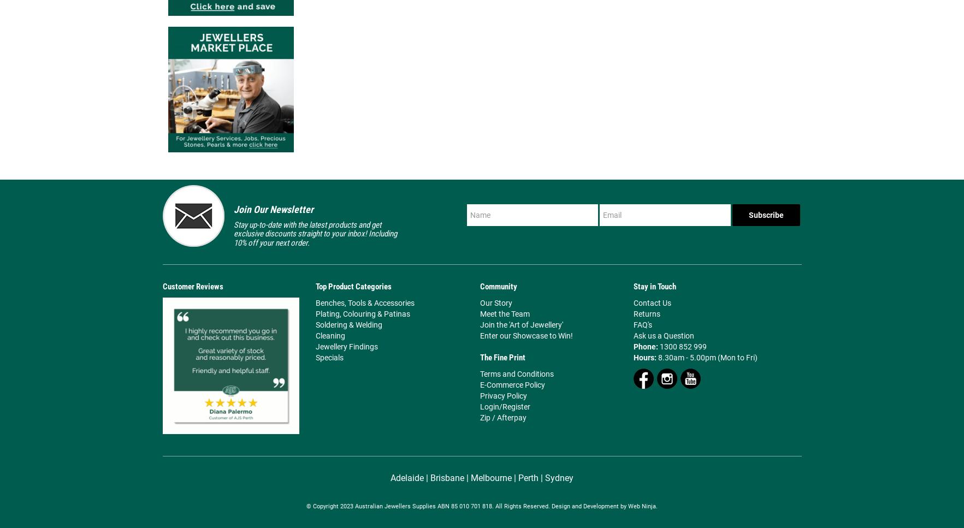 The width and height of the screenshot is (964, 528). What do you see at coordinates (314, 233) in the screenshot?
I see `'Stay up-to-date with the latest products and get exclusive discounts straight to your inbox! Including 10% off your next order.'` at bounding box center [314, 233].